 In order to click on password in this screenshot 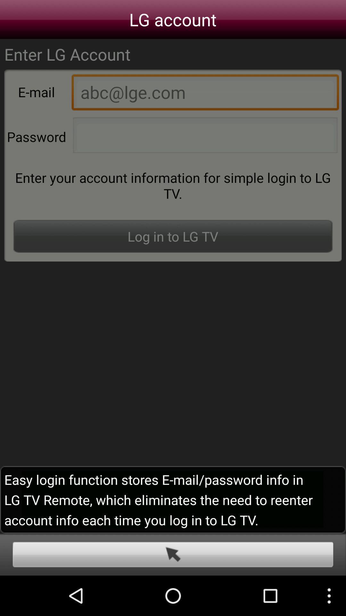, I will do `click(205, 137)`.